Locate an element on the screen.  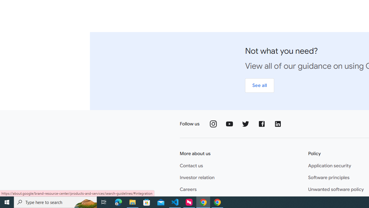
'Unwanted software policy' is located at coordinates (336, 190).